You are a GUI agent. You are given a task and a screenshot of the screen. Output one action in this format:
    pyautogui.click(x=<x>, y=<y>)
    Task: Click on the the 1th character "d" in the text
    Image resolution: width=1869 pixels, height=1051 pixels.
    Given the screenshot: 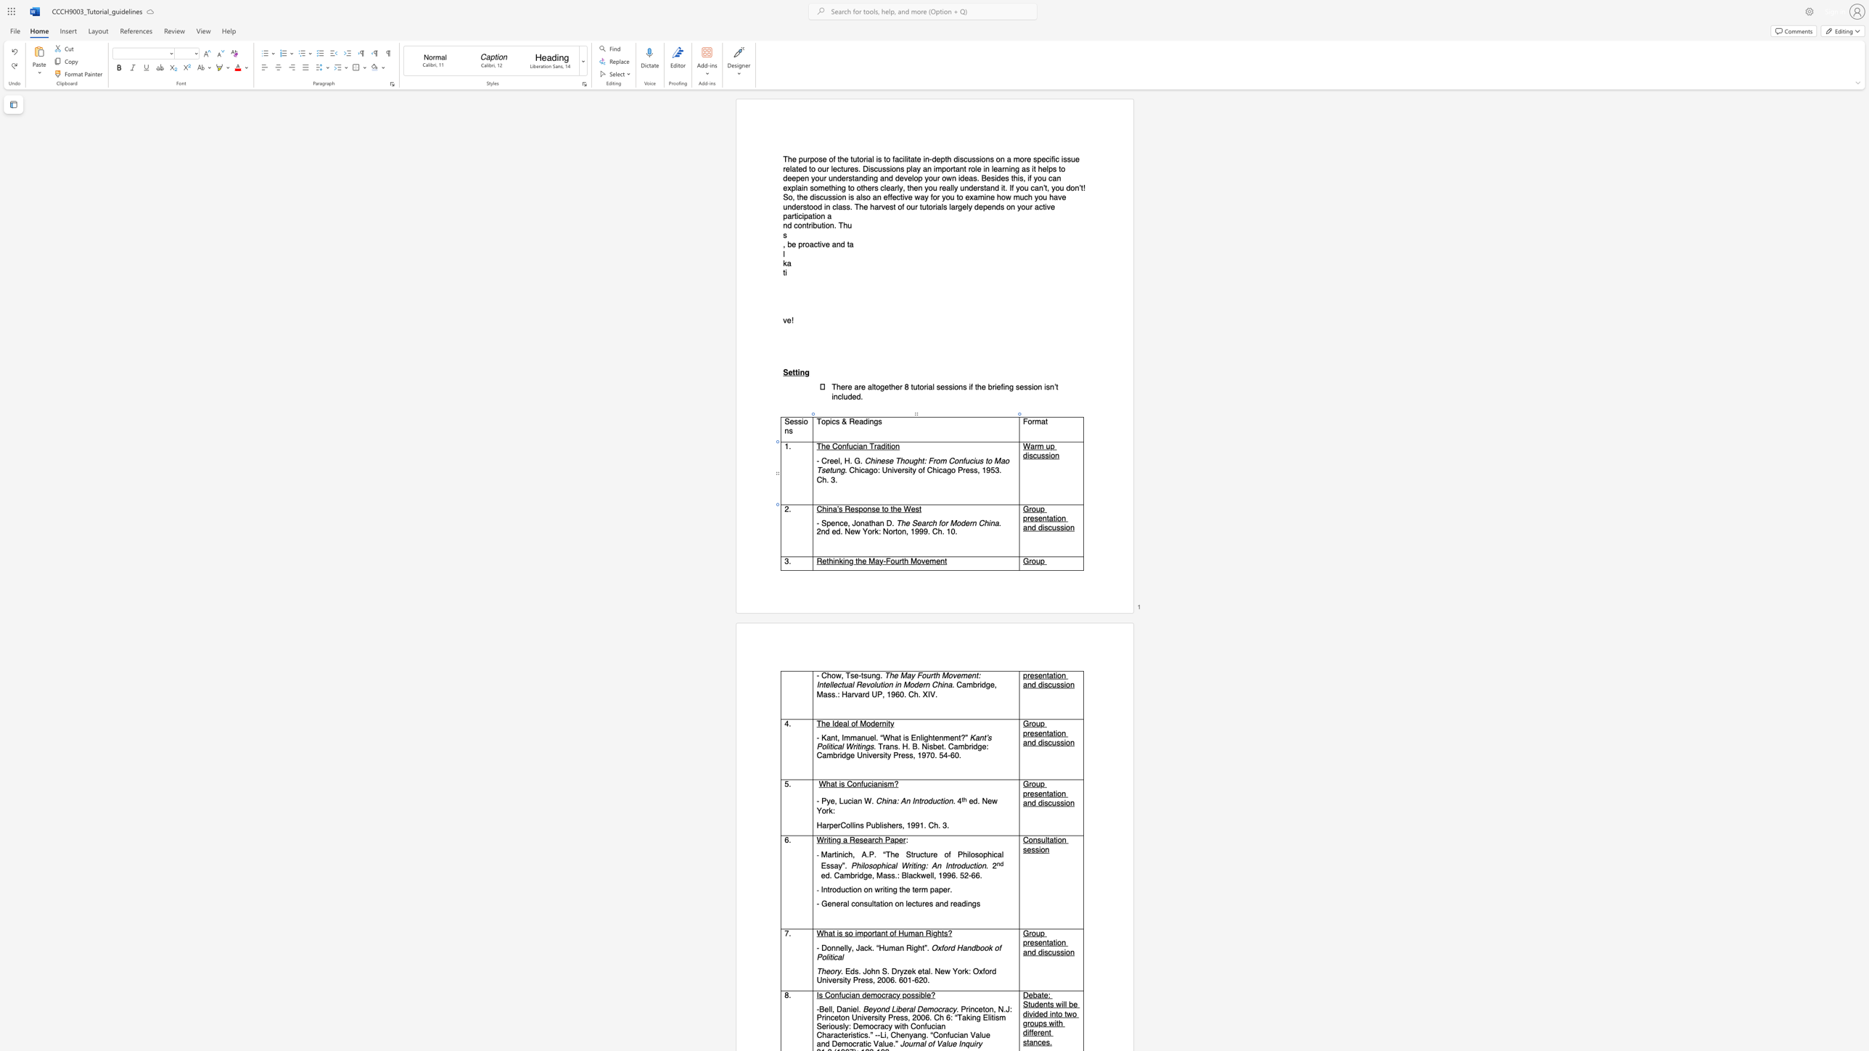 What is the action you would take?
    pyautogui.click(x=827, y=532)
    